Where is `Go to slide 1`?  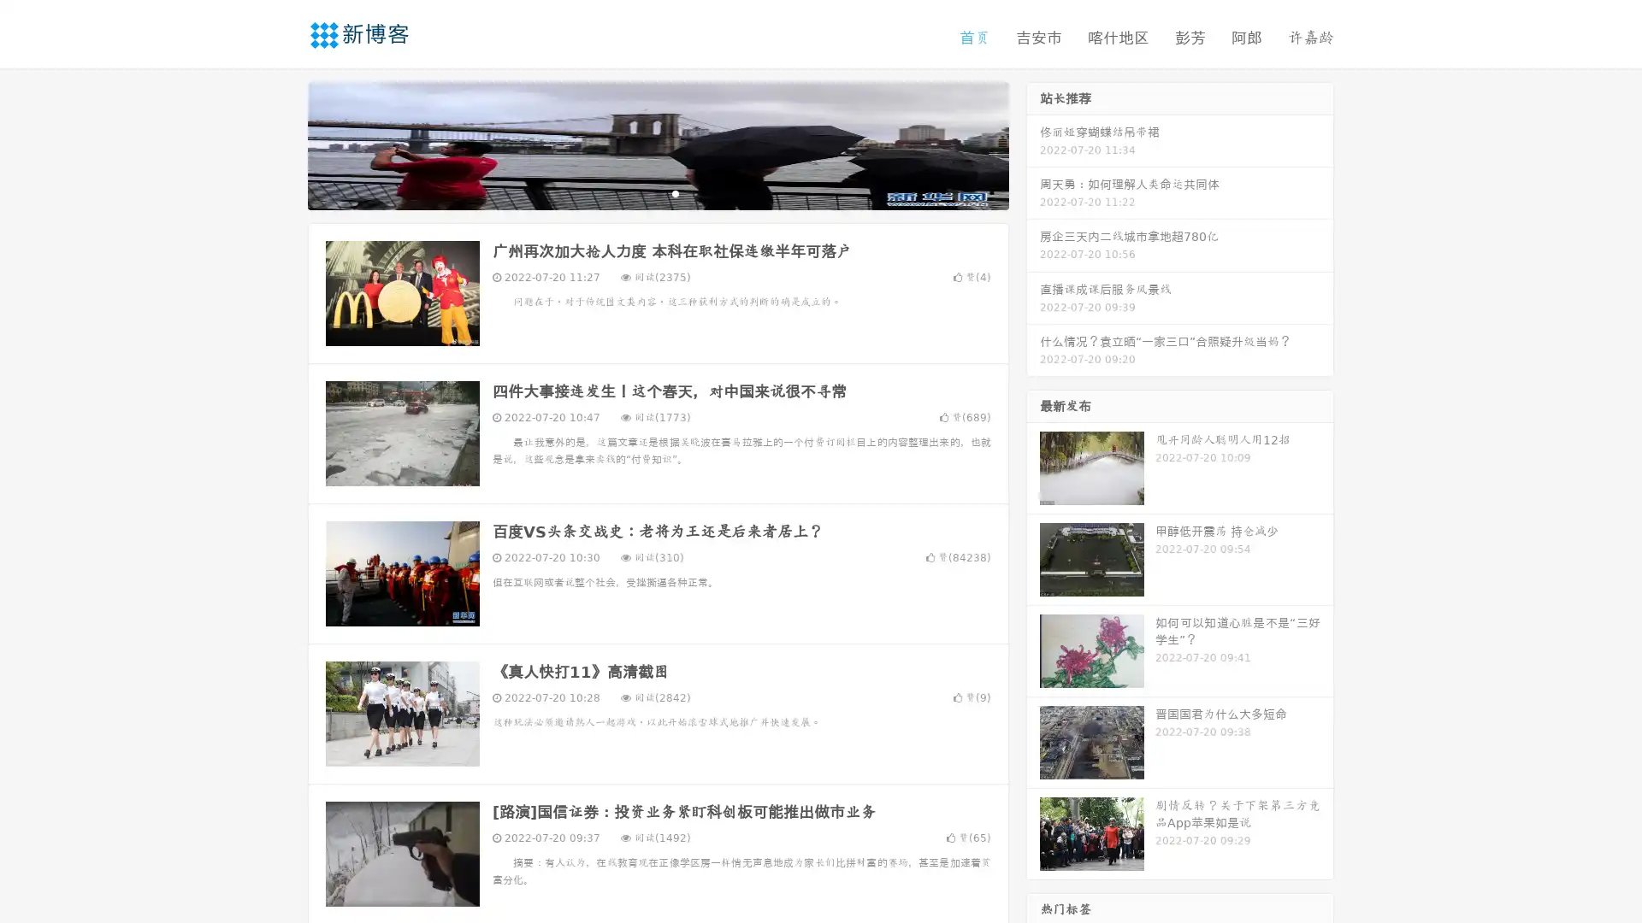 Go to slide 1 is located at coordinates (640, 192).